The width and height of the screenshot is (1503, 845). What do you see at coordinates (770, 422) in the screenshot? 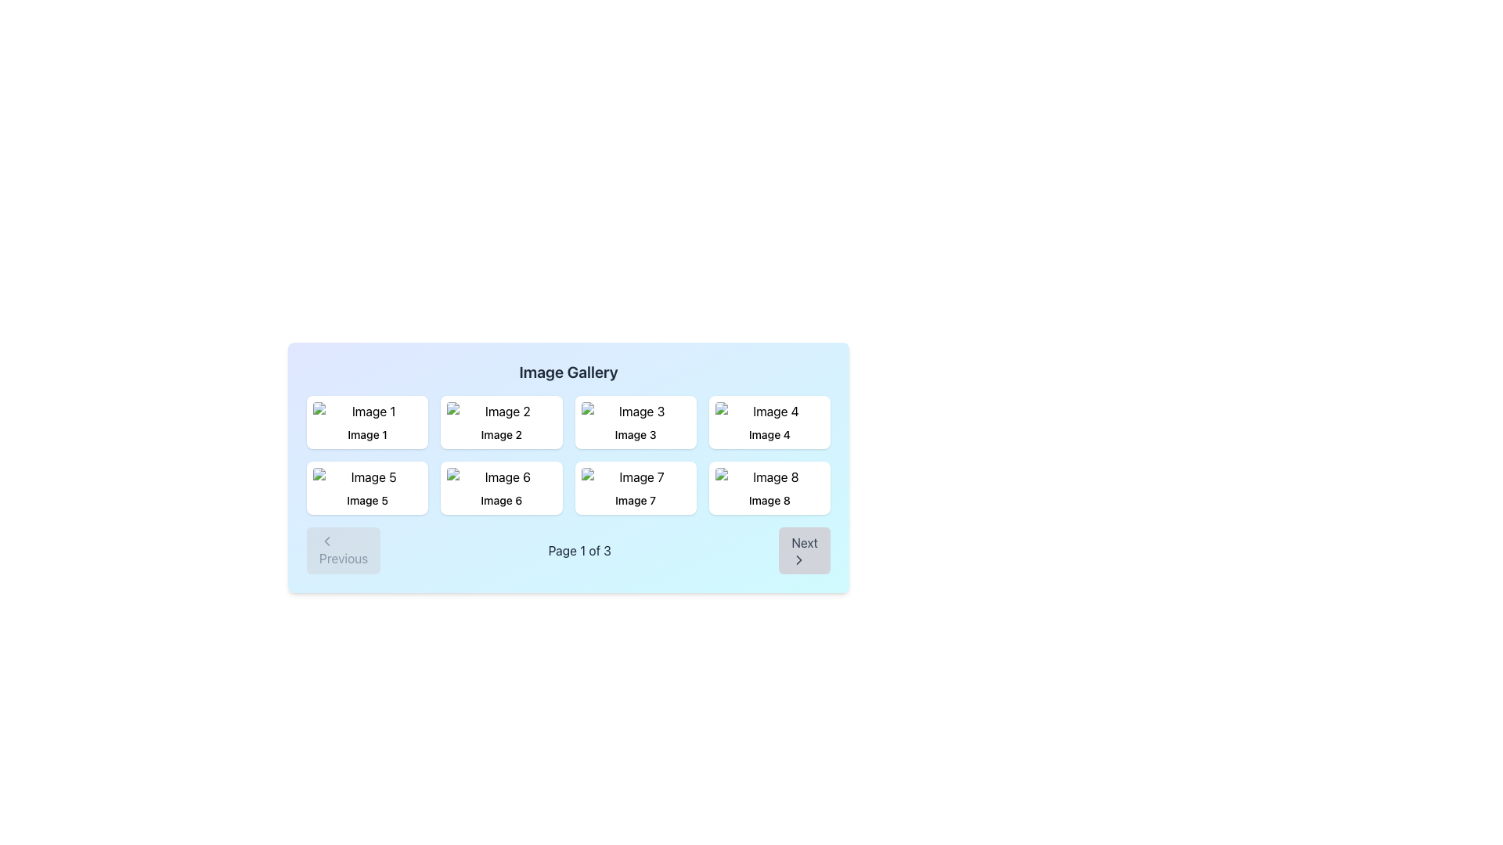
I see `to select or highlight the Image card labeled 'Image 4', located in the upper right corner of the image gallery grid` at bounding box center [770, 422].